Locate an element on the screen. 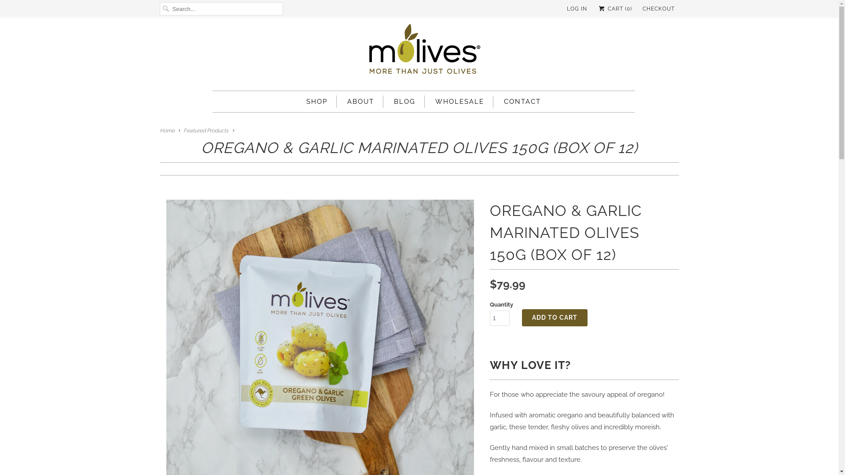  'Featured Products' is located at coordinates (206, 131).